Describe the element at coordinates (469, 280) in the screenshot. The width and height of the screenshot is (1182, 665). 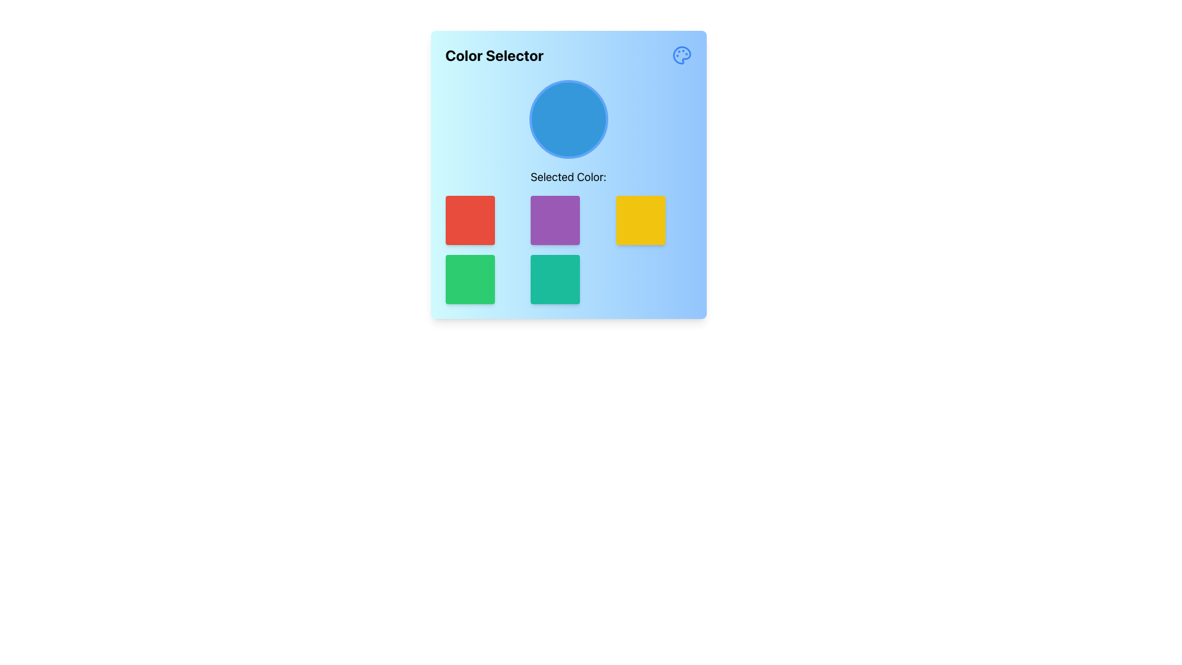
I see `the green square button with rounded corners in the Color Selector interface` at that location.